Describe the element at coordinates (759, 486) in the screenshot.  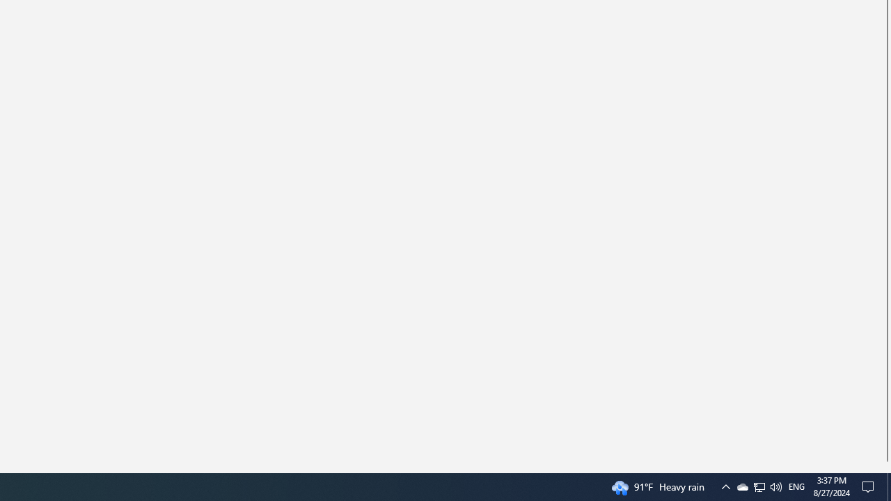
I see `'User Promoted Notification Area'` at that location.